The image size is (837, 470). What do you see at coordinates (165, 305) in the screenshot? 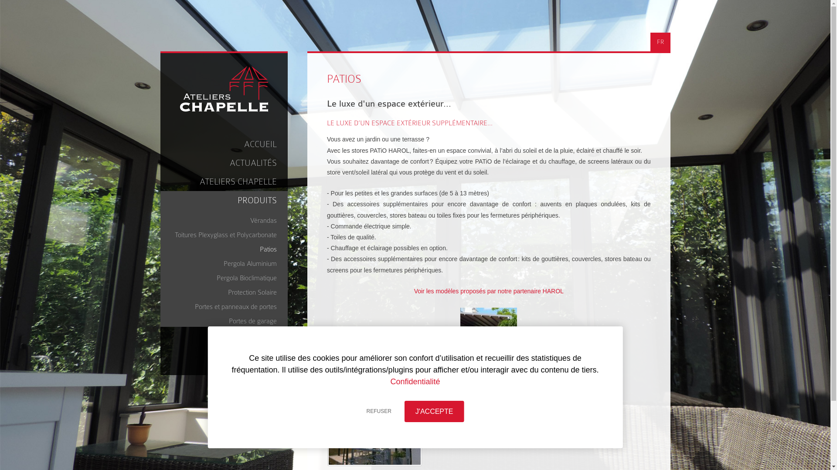
I see `'Portes et panneaux de portes'` at bounding box center [165, 305].